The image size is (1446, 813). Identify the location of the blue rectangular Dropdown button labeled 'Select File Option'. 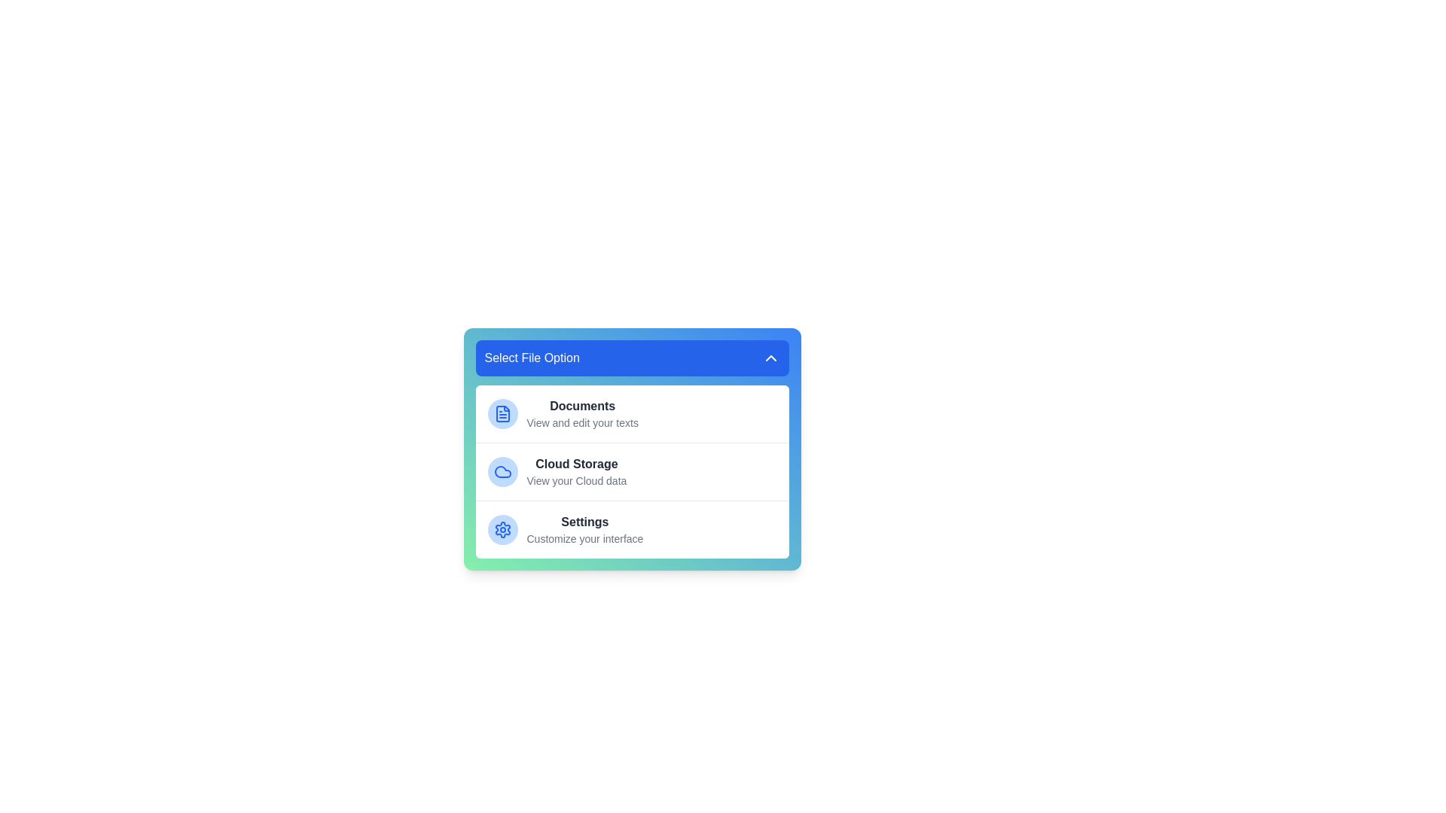
(632, 358).